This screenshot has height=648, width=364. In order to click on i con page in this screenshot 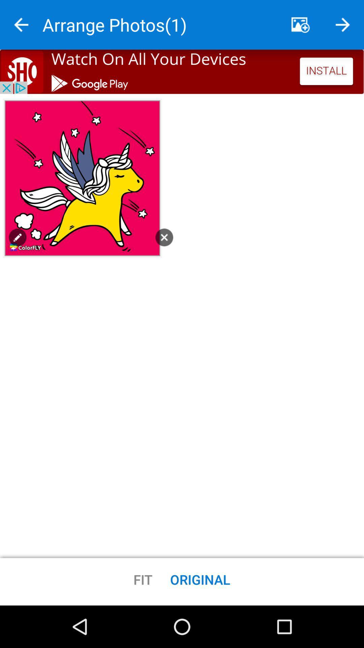, I will do `click(17, 237)`.